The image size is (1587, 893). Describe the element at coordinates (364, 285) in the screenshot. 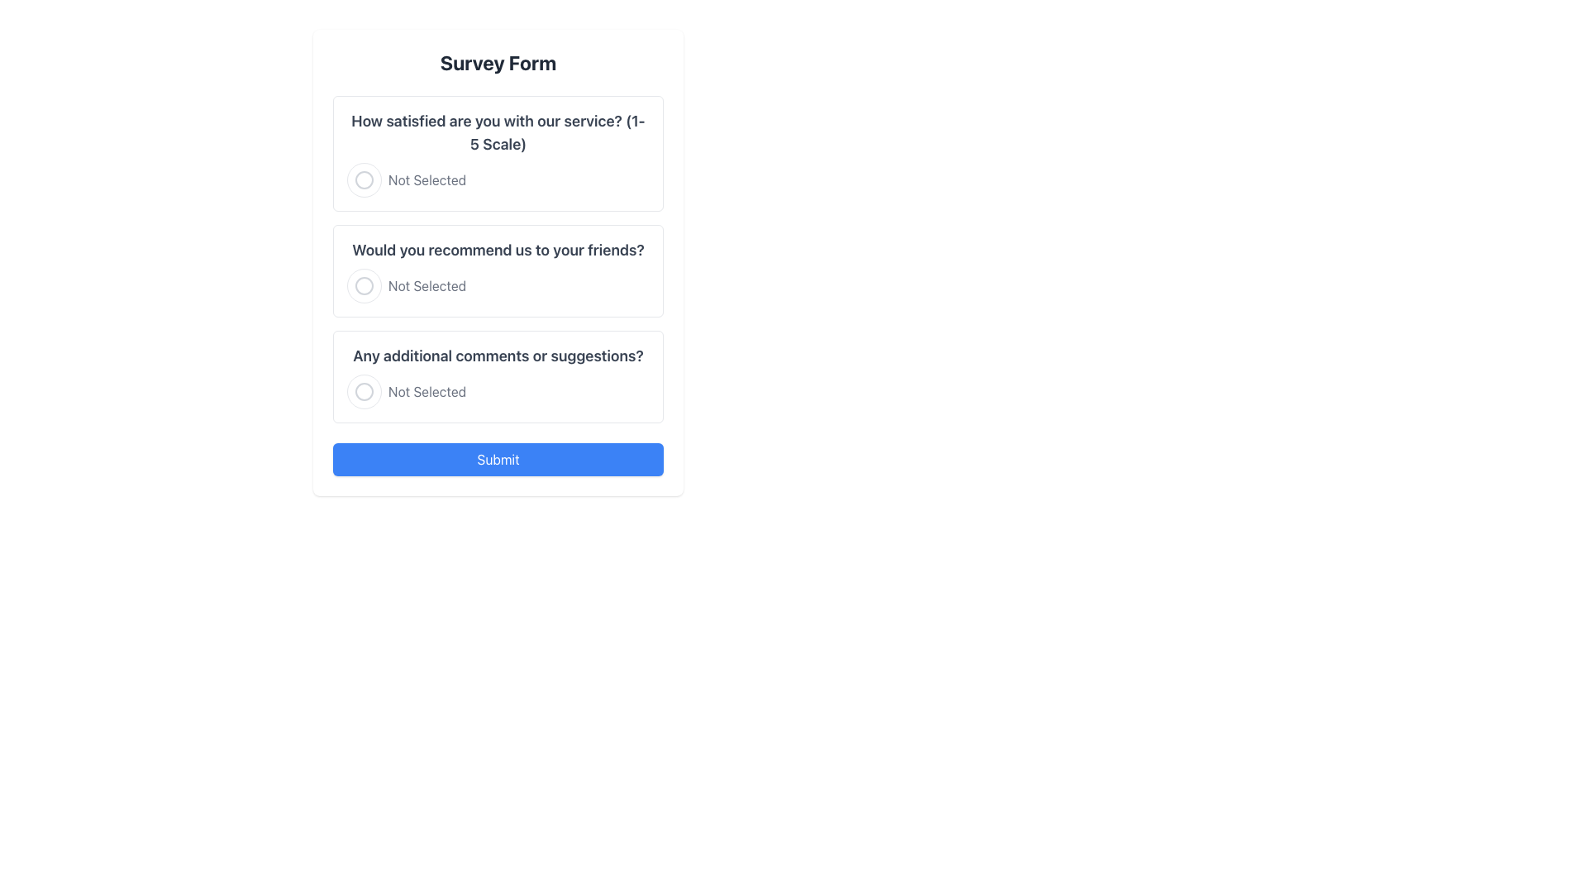

I see `the circular radio button with a gray border next to the label 'Would you recommend us to your friends?'` at that location.